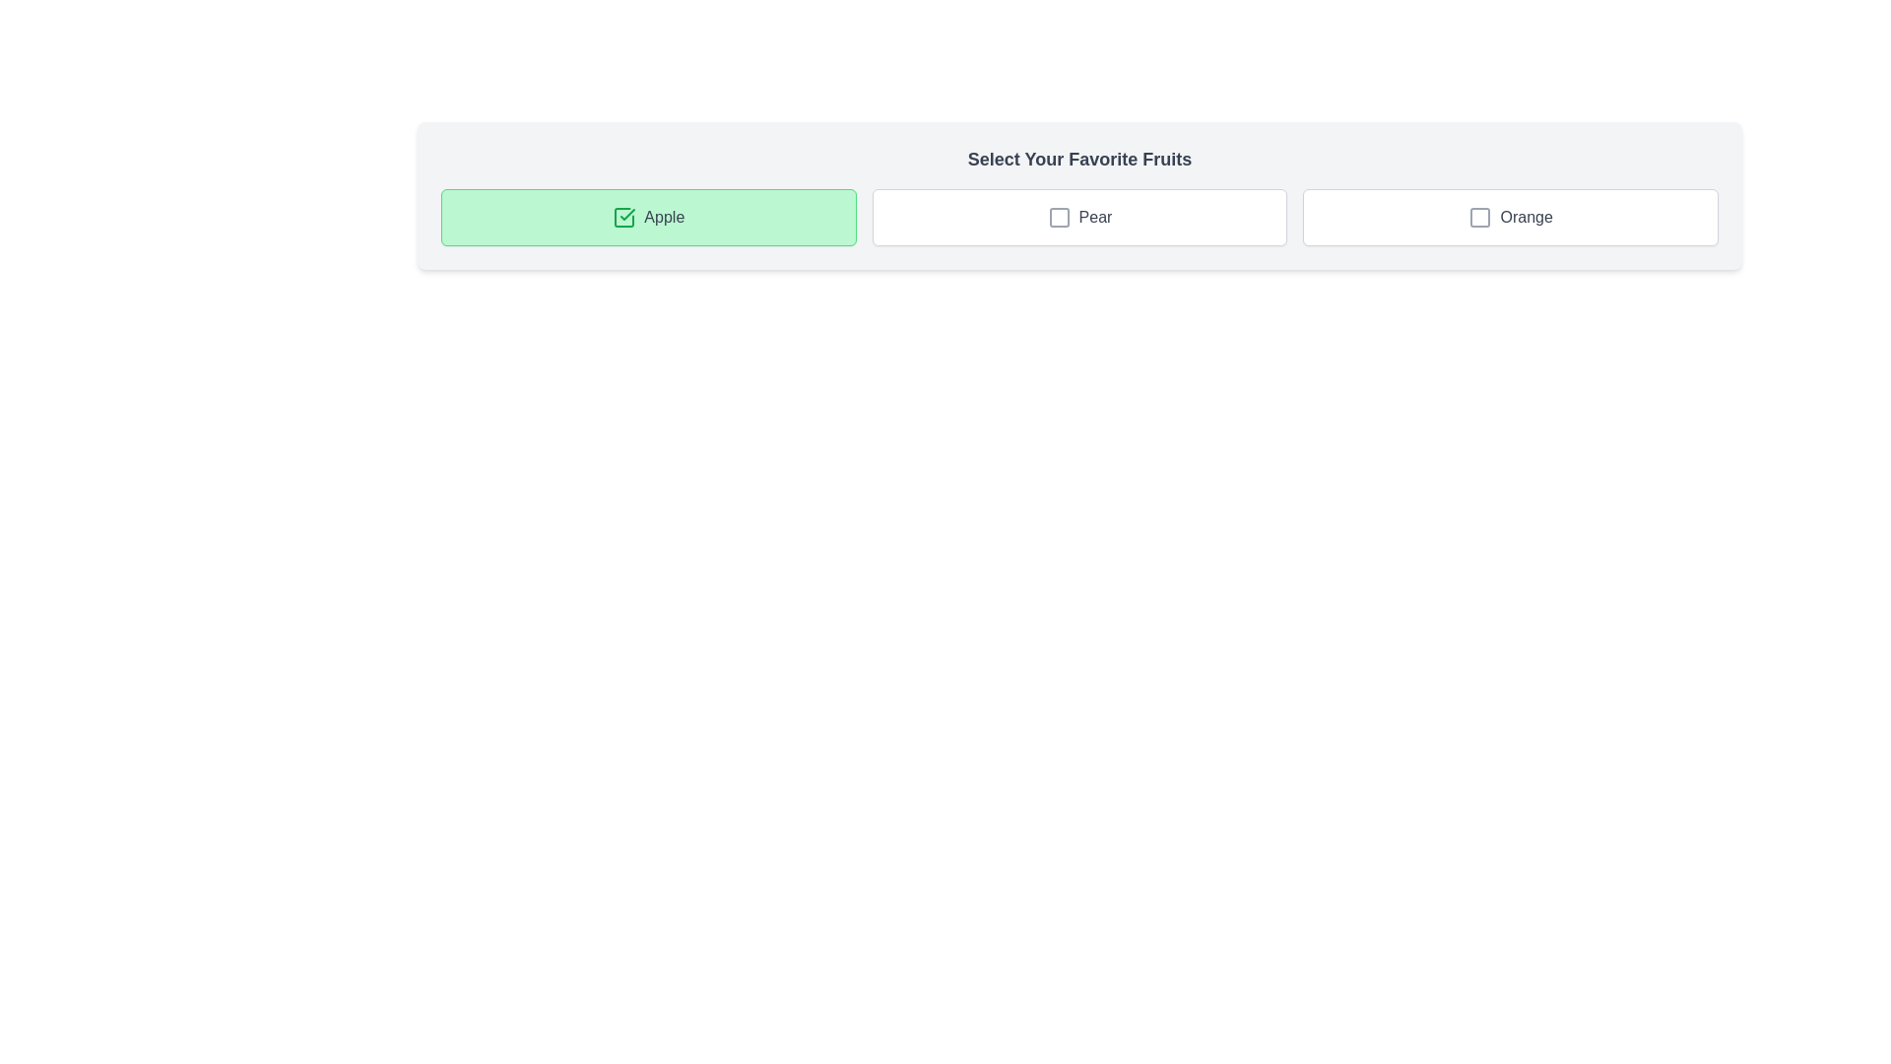  Describe the element at coordinates (1094, 217) in the screenshot. I see `the text label for the 'Pear' checkbox option, which is located within the second option card of the 'Select Your Favorite Fruits' group` at that location.